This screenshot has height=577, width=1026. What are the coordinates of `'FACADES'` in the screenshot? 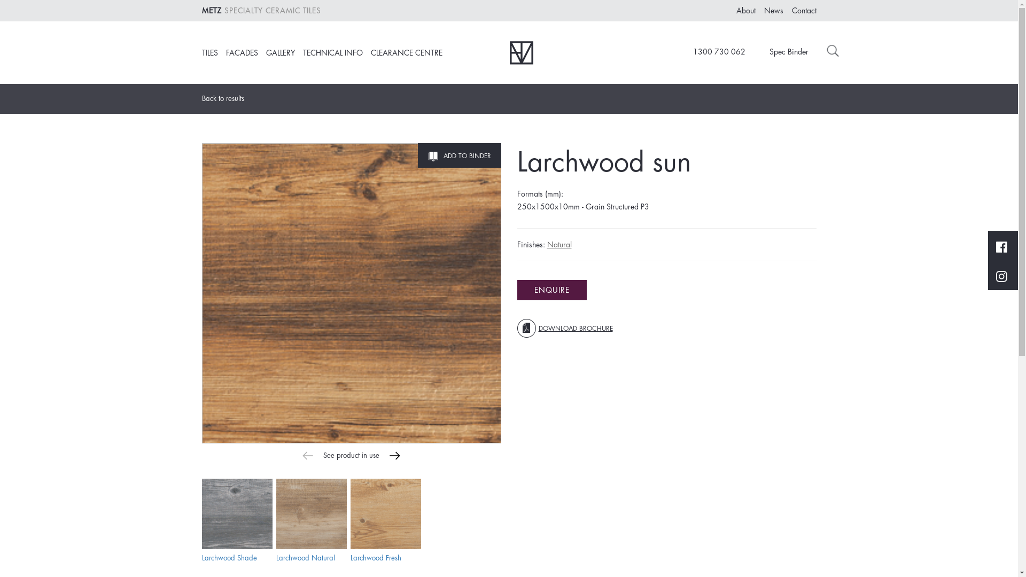 It's located at (225, 53).